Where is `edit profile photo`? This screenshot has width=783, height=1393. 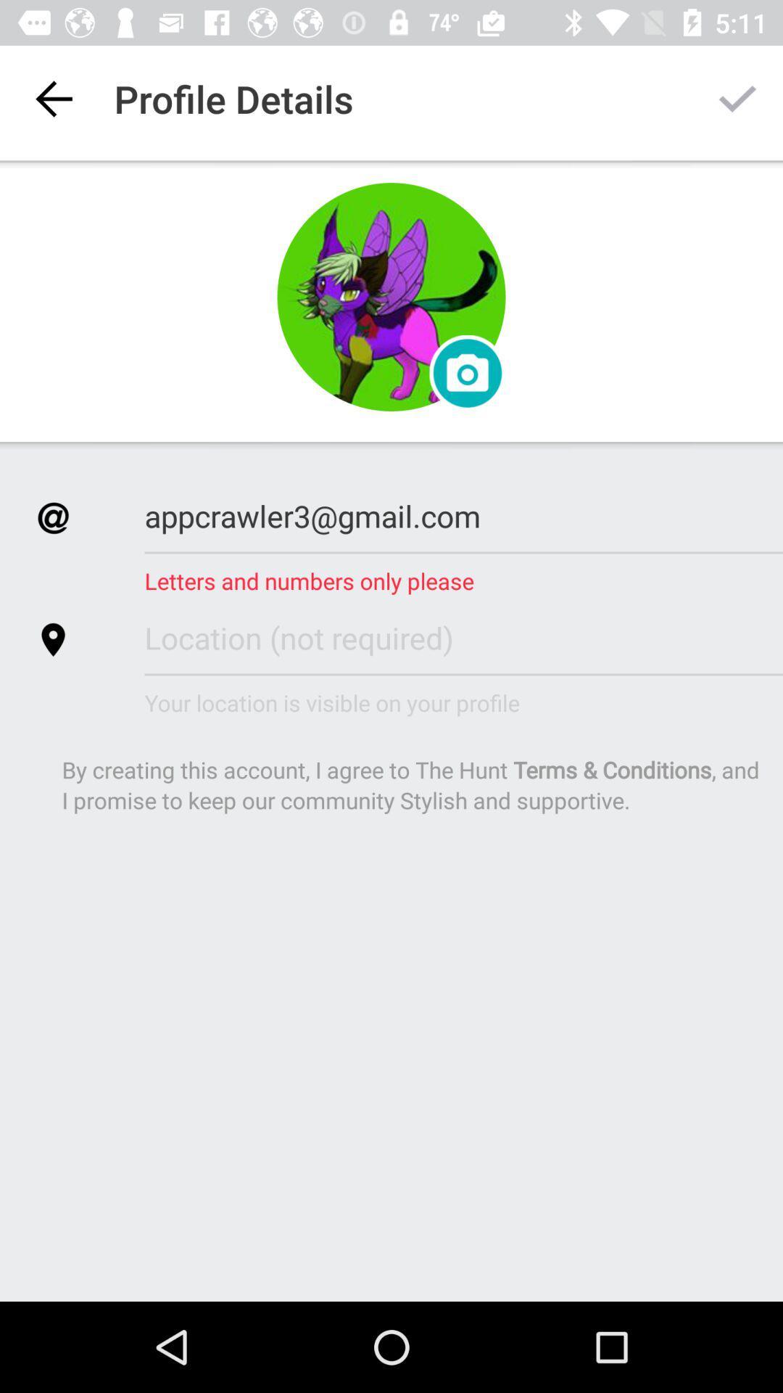
edit profile photo is located at coordinates (467, 373).